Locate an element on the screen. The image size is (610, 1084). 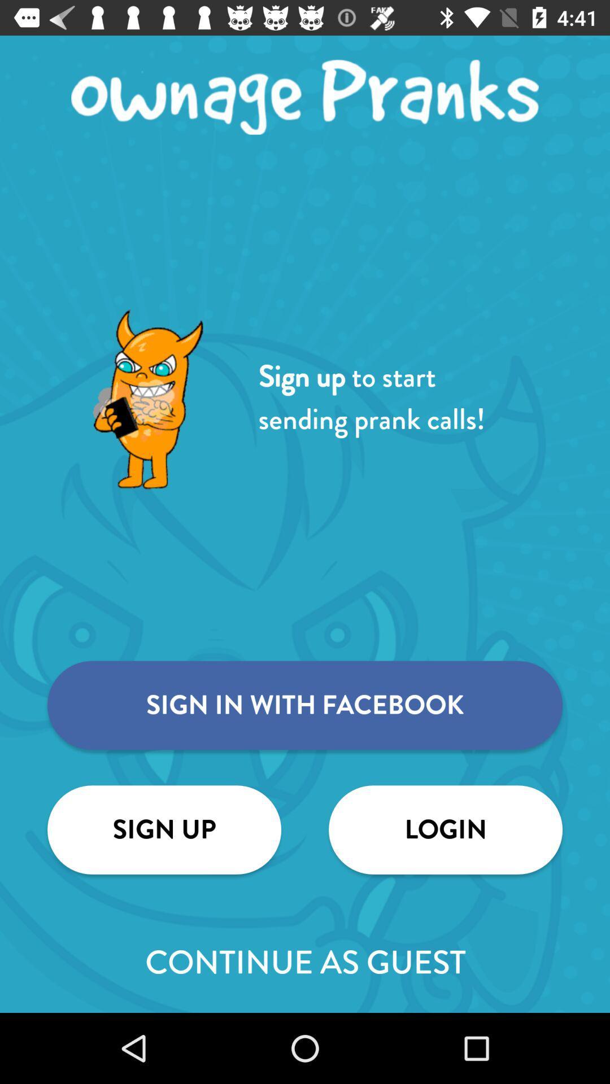
the login icon is located at coordinates (445, 829).